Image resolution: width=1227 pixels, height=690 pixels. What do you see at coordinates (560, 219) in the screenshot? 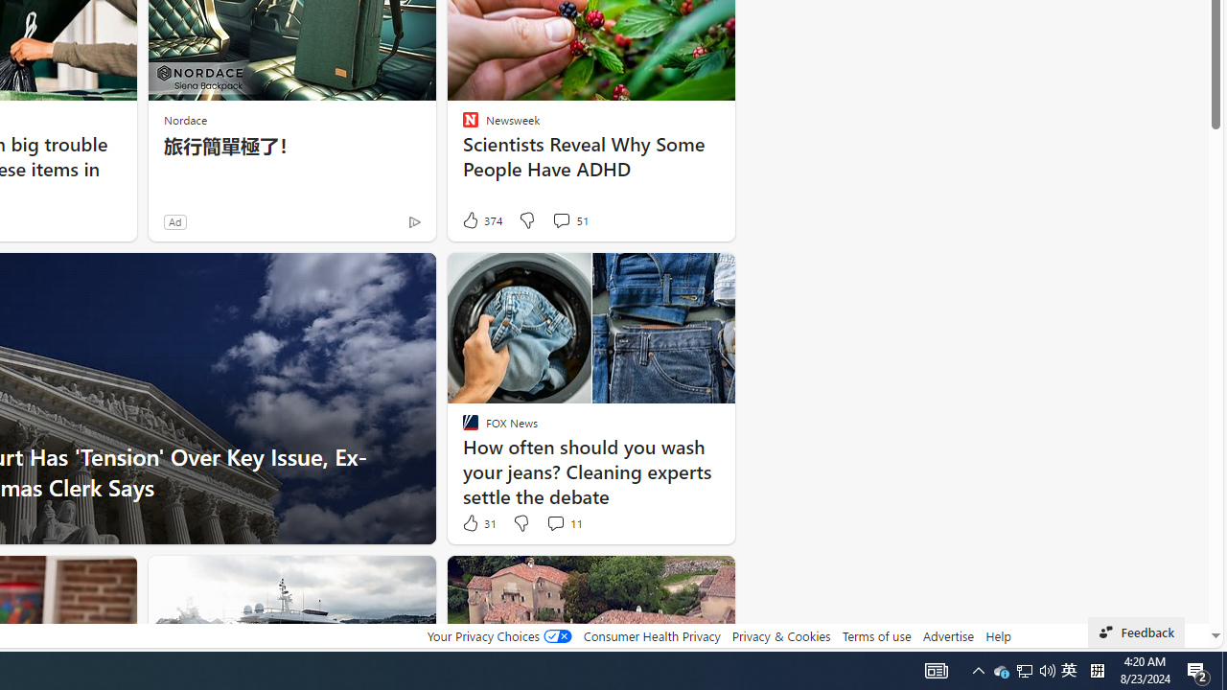
I see `'View comments 51 Comment'` at bounding box center [560, 219].